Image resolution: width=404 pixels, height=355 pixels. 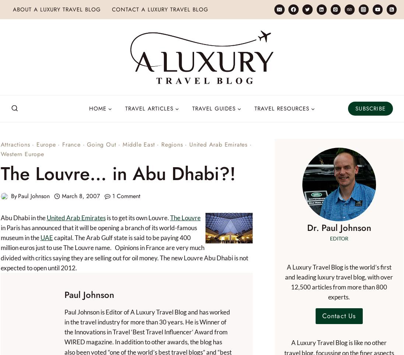 I want to click on '1 Comment', so click(x=126, y=196).